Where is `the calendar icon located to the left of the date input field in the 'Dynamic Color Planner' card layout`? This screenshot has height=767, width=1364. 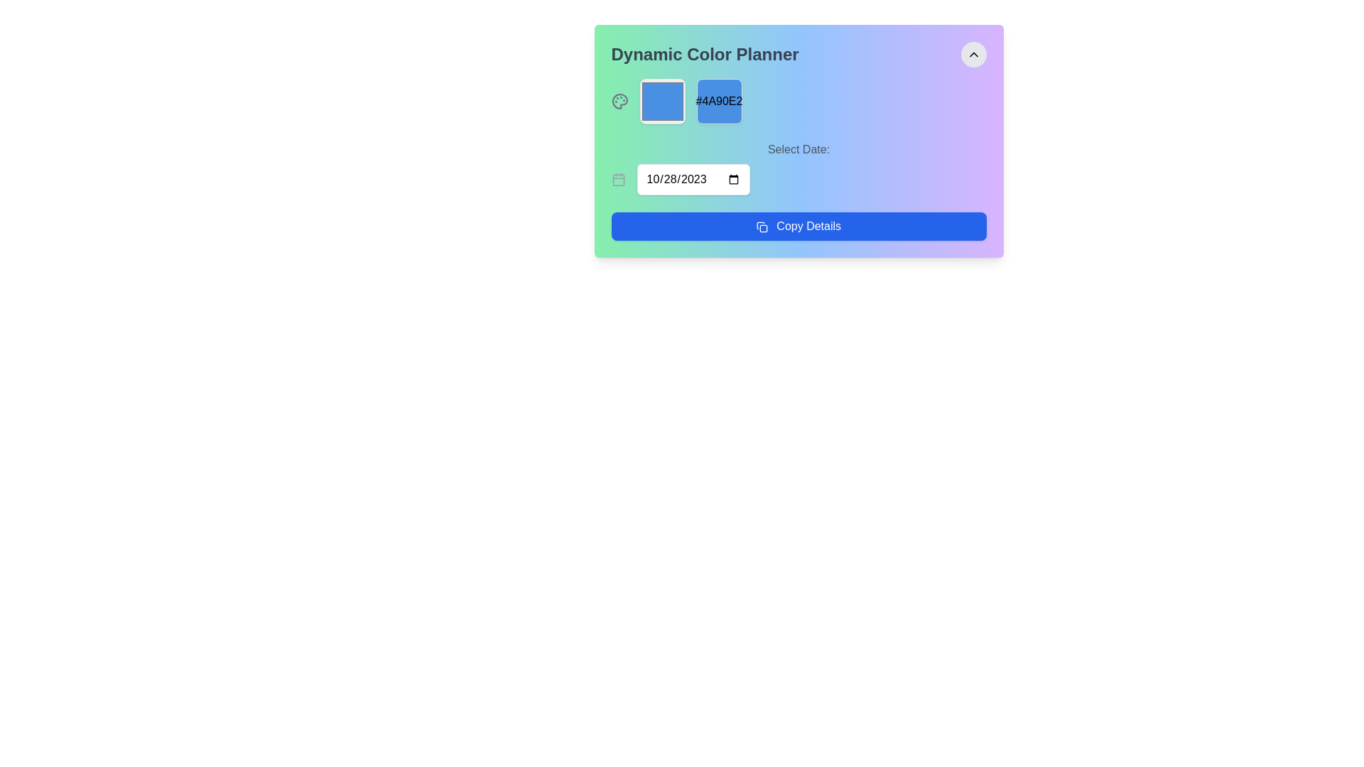
the calendar icon located to the left of the date input field in the 'Dynamic Color Planner' card layout is located at coordinates (618, 179).